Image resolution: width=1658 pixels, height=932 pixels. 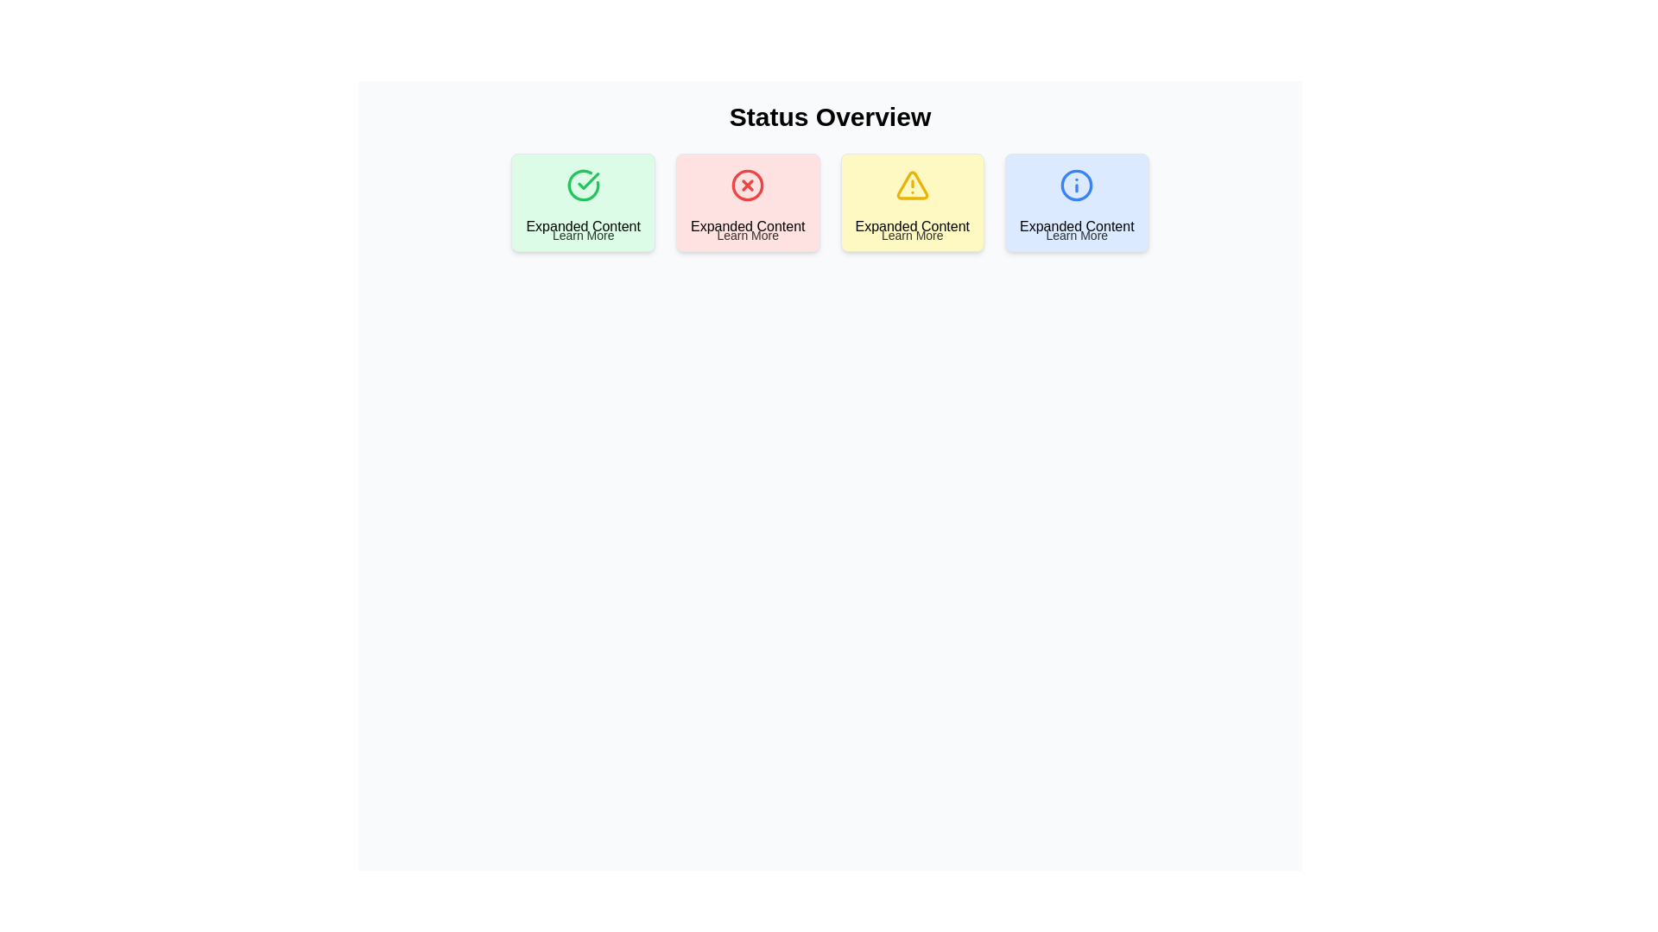 I want to click on the 'Learn More' link located on the light green card component at the top left corner of the grid layout, so click(x=583, y=202).